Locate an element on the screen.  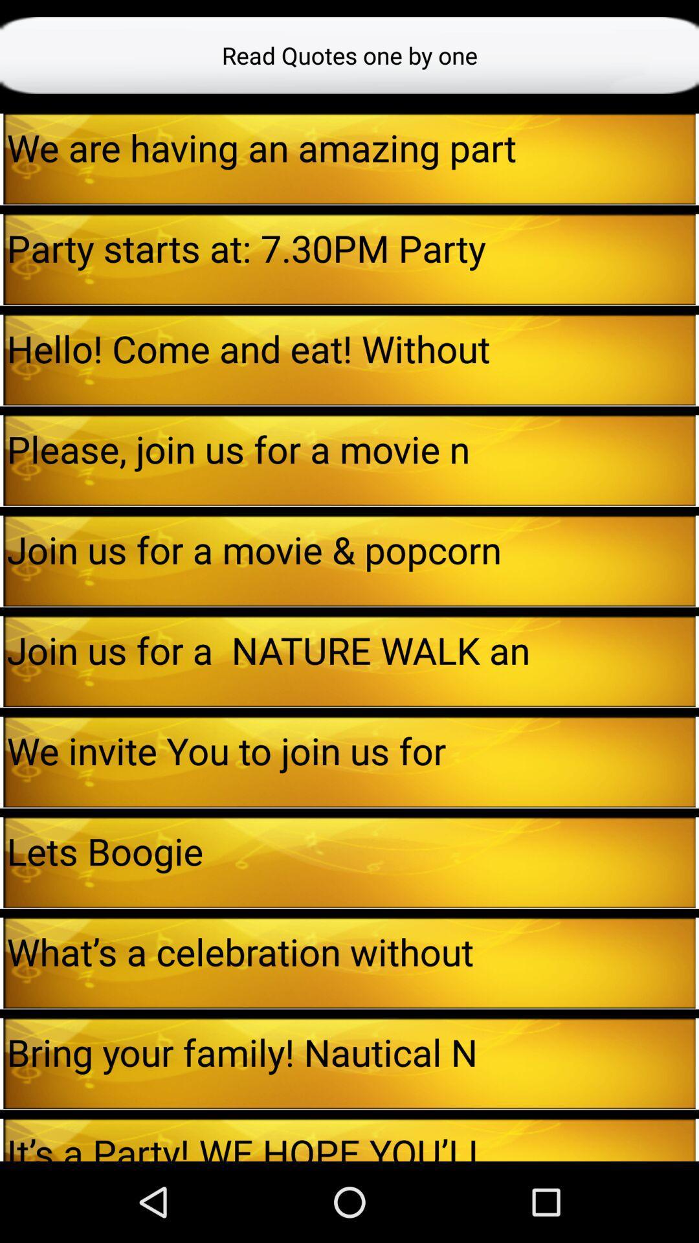
the item below read quotes one icon is located at coordinates (1, 158).